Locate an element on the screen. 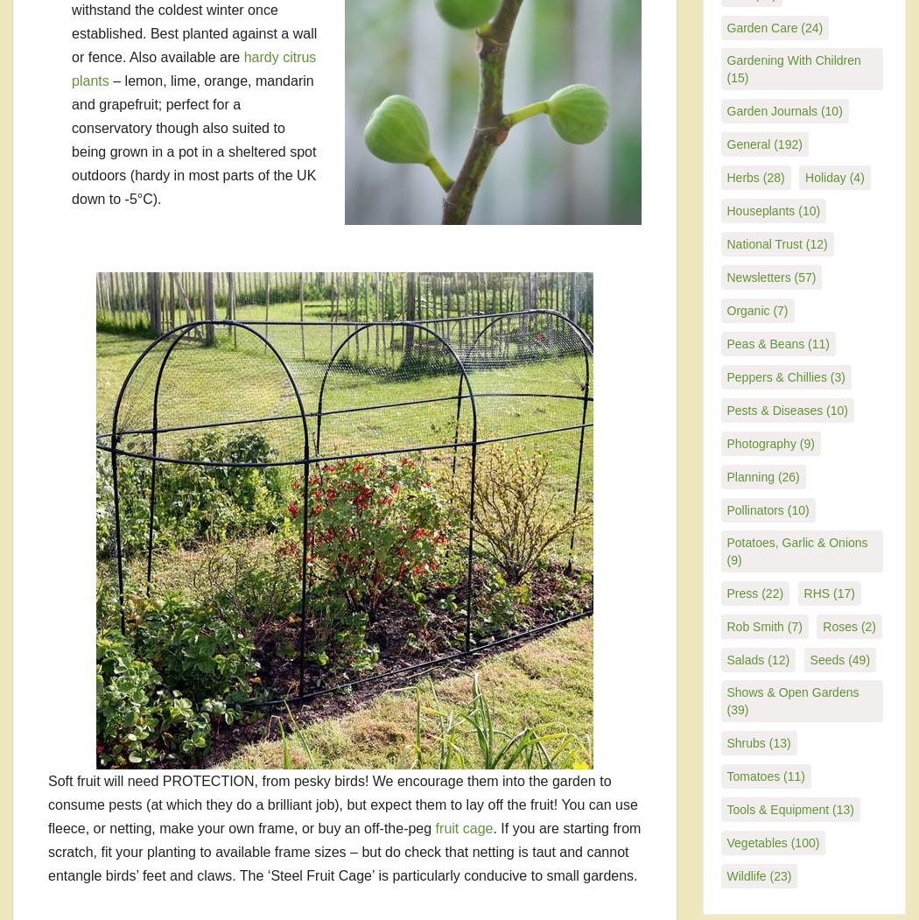  '(4)' is located at coordinates (854, 177).